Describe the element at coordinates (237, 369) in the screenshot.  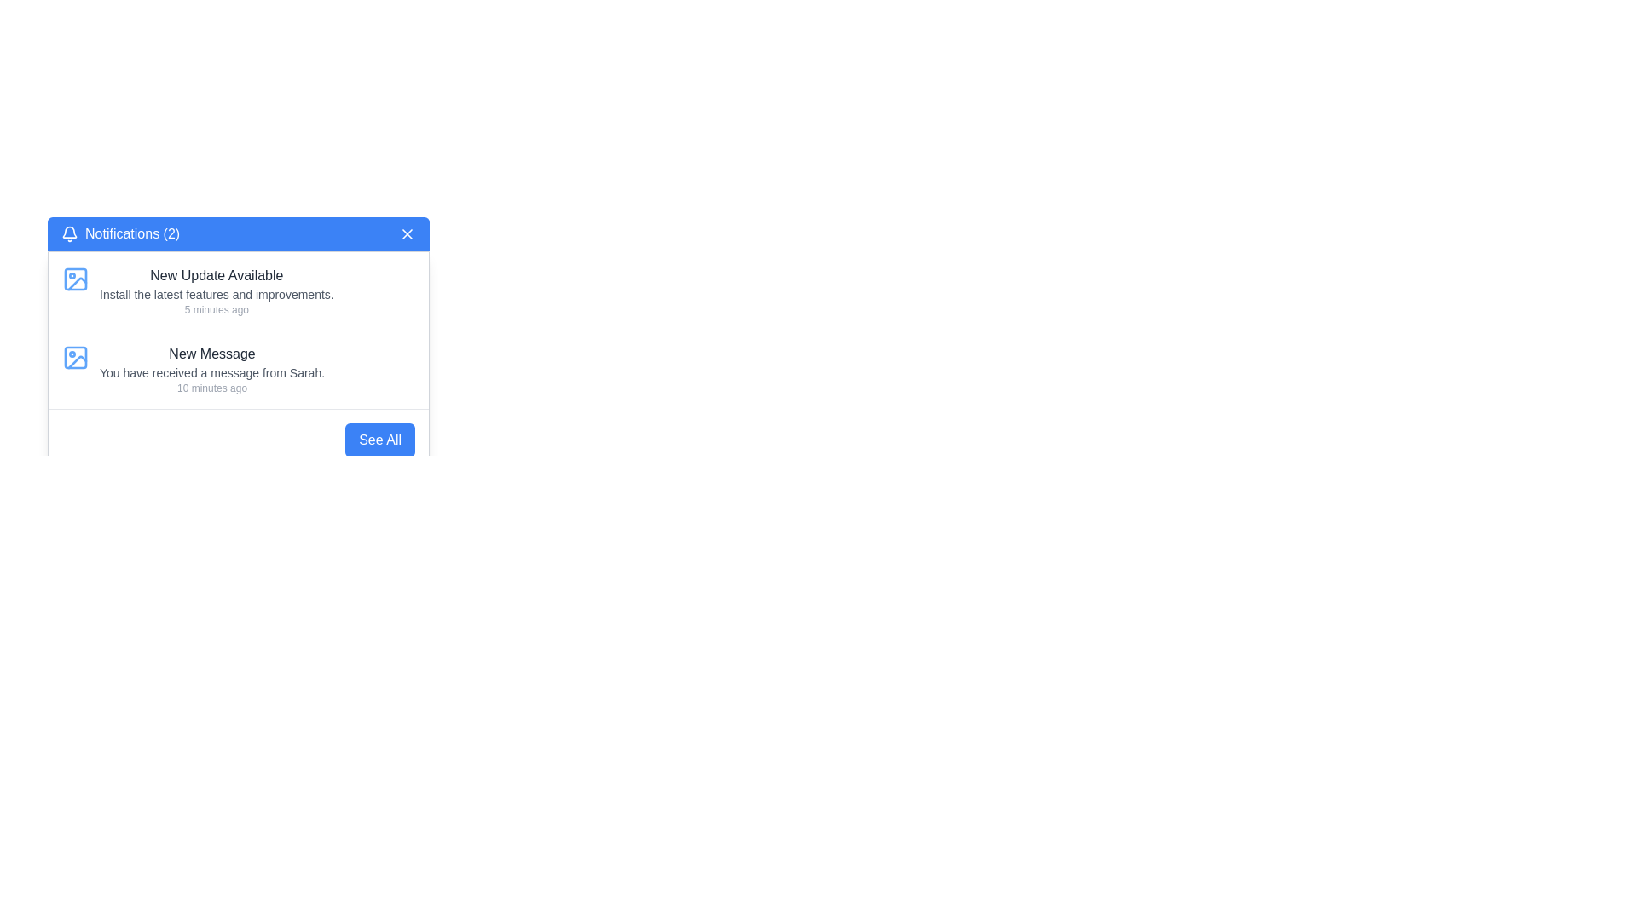
I see `the second Notification Card in the notification dropdown menu` at that location.